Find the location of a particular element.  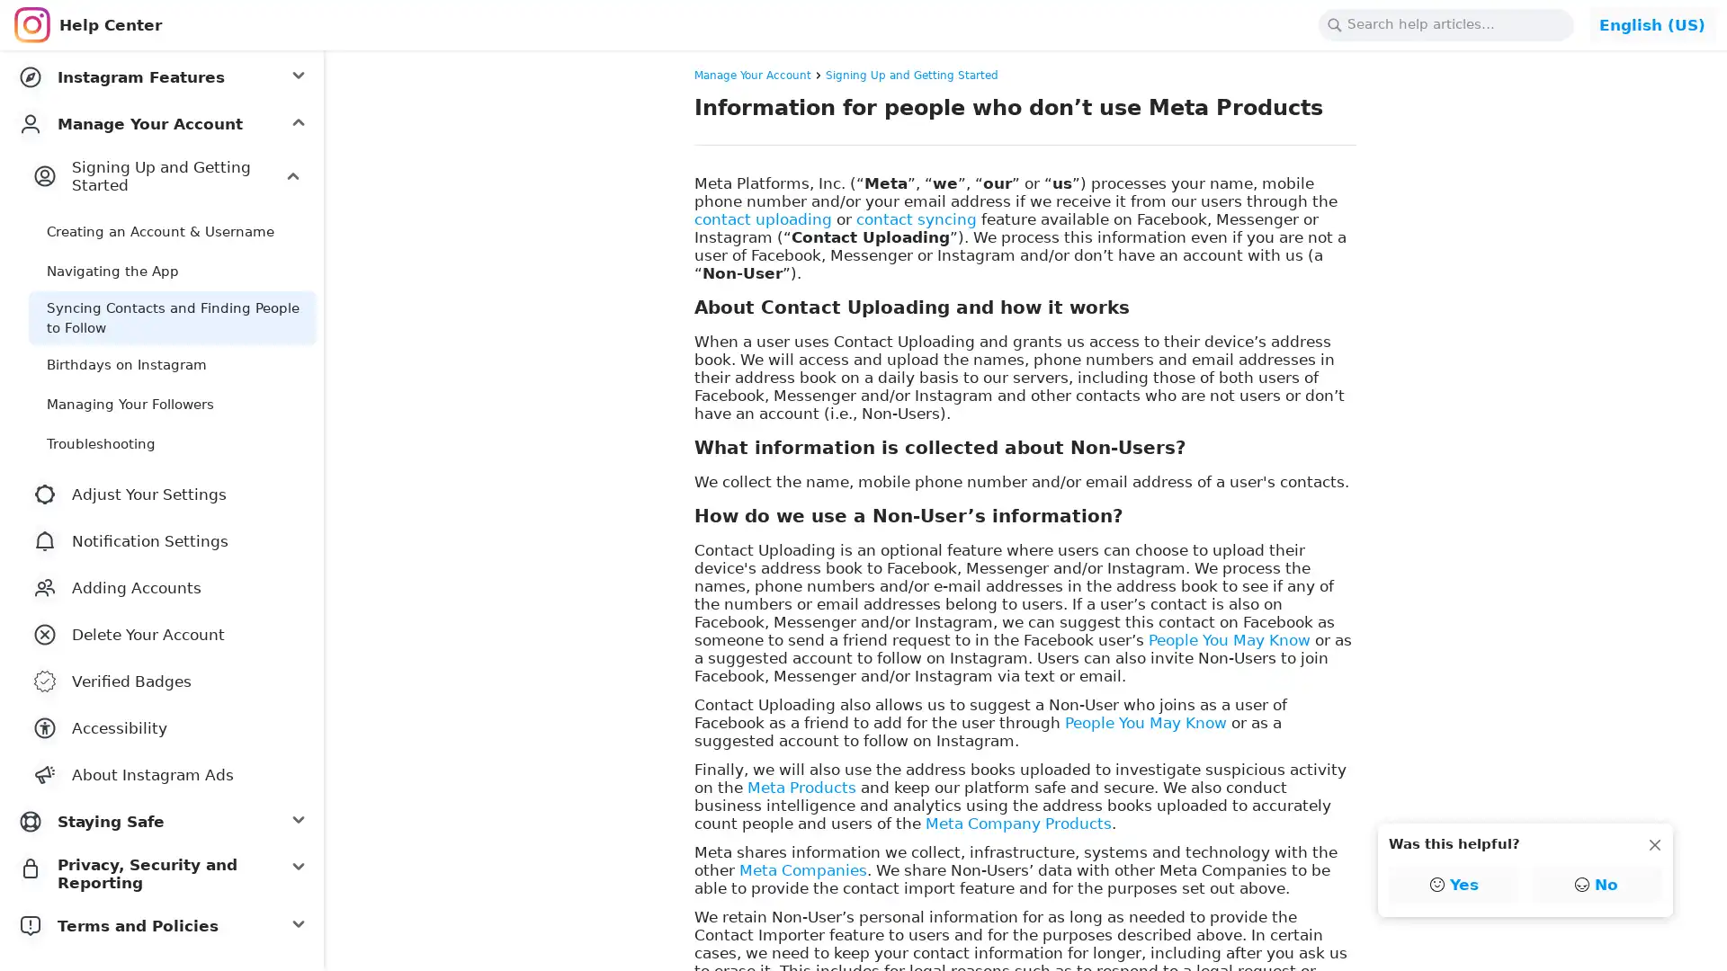

Terms and Policies is located at coordinates (162, 925).